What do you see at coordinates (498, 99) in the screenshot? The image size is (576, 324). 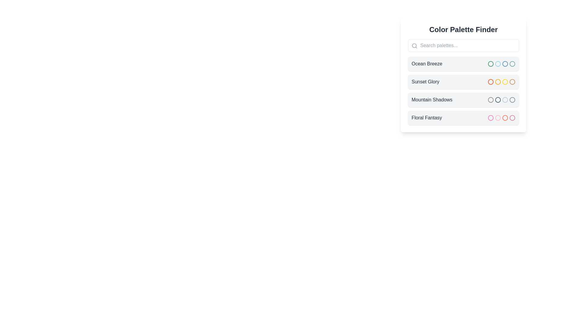 I see `the third circle in the 'Mountain Shadows' color palette, which serves as a visual indicator for a color choice` at bounding box center [498, 99].